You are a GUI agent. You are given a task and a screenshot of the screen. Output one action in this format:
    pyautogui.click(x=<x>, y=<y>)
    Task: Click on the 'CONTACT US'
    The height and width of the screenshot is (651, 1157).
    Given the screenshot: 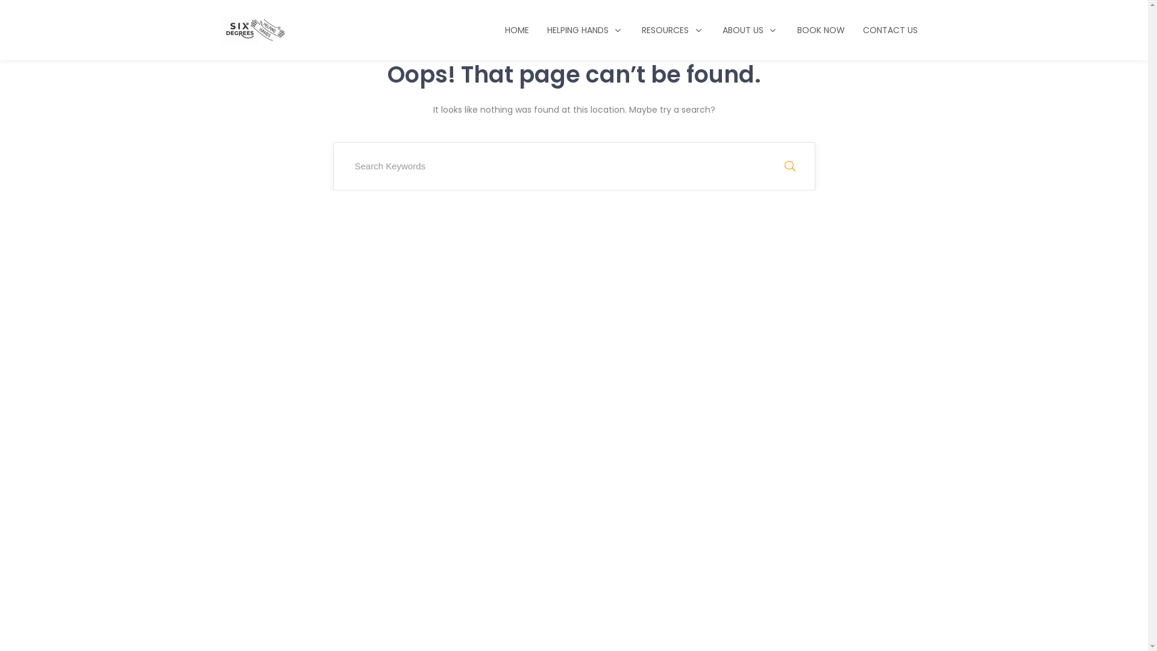 What is the action you would take?
    pyautogui.click(x=889, y=30)
    